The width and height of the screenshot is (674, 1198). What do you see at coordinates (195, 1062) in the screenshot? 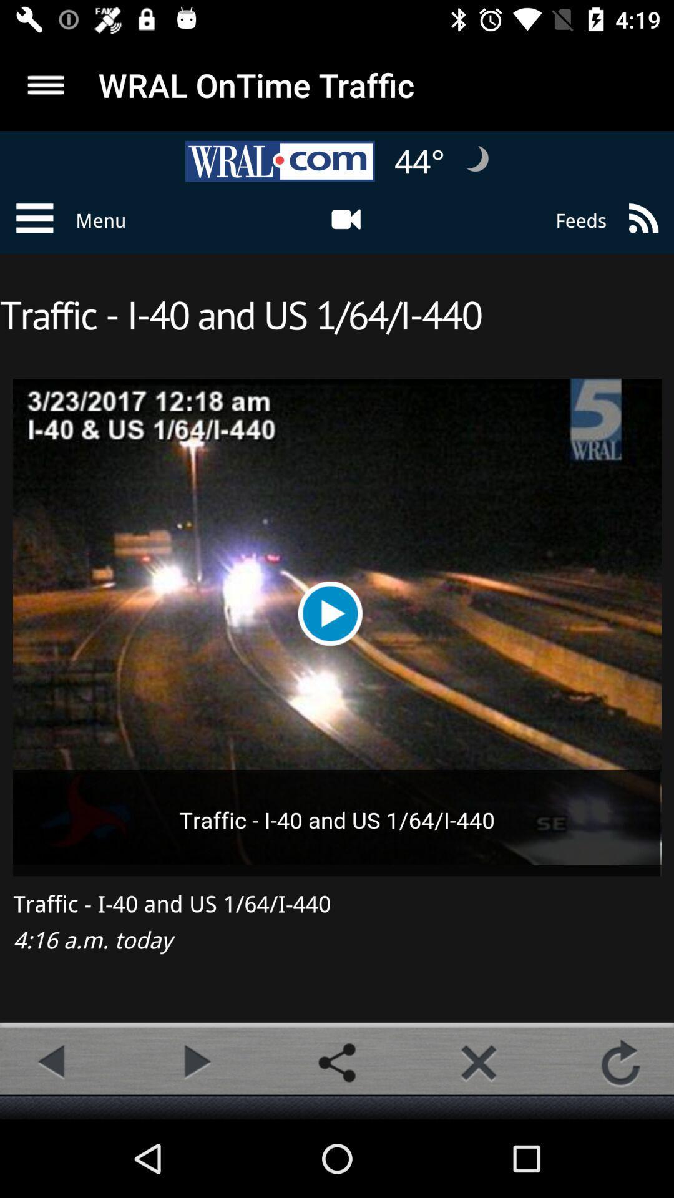
I see `the play icon` at bounding box center [195, 1062].